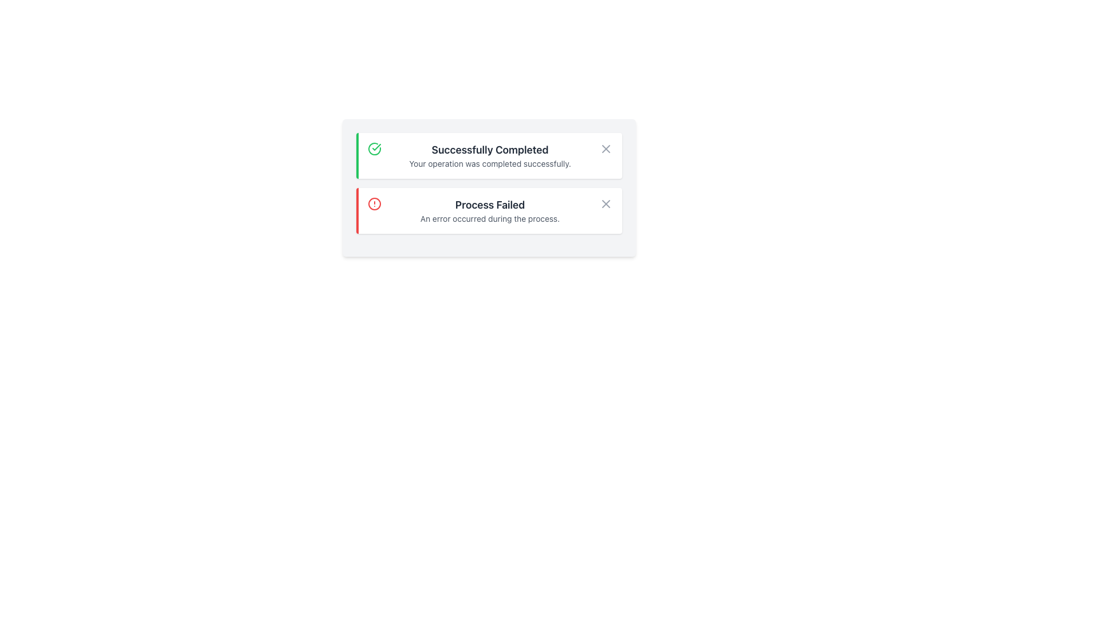  Describe the element at coordinates (605, 203) in the screenshot. I see `the cross icon button at the top-right corner of the 'Process Failed' notification box to change its appearance` at that location.